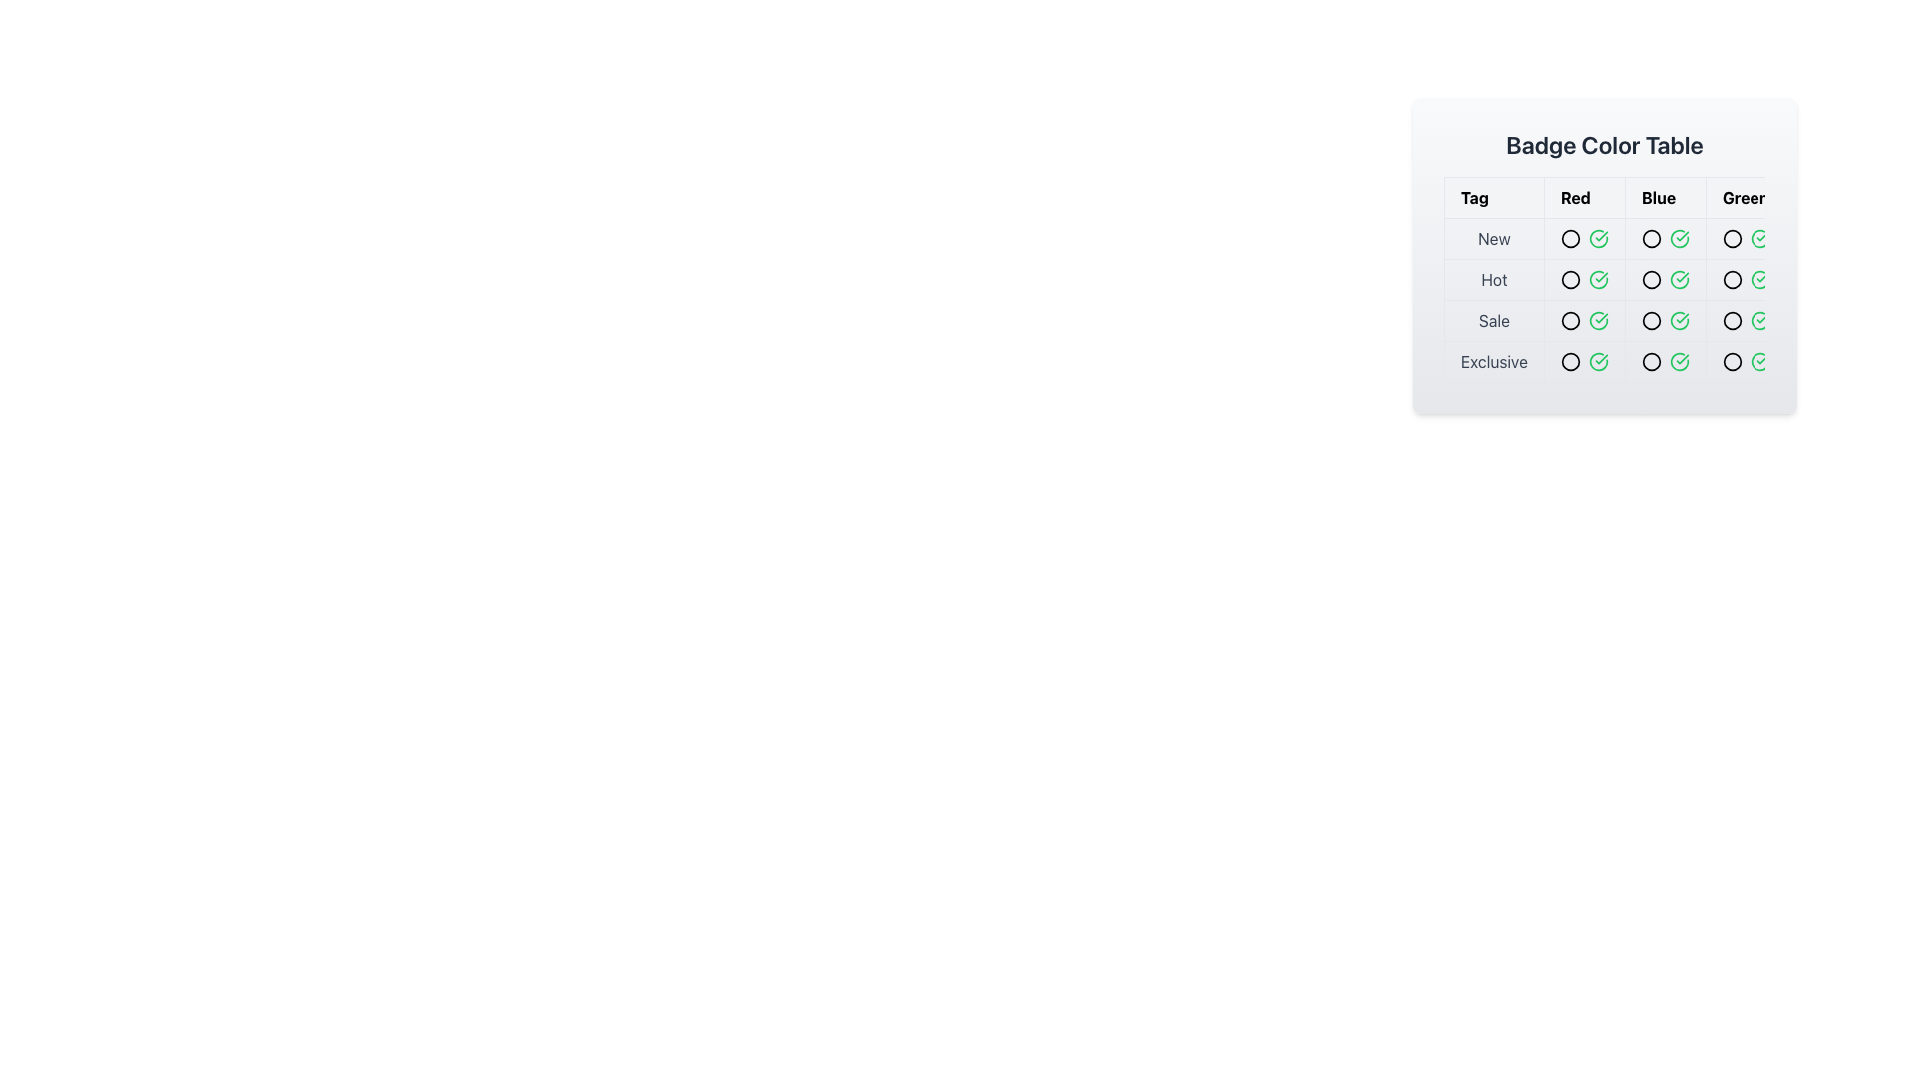 Image resolution: width=1914 pixels, height=1076 pixels. I want to click on the circular icon with a thin black border and white fill located in the 'Green' column under the 'Badge Color Table', aligned with the 'Sale' row for interaction, so click(1731, 319).